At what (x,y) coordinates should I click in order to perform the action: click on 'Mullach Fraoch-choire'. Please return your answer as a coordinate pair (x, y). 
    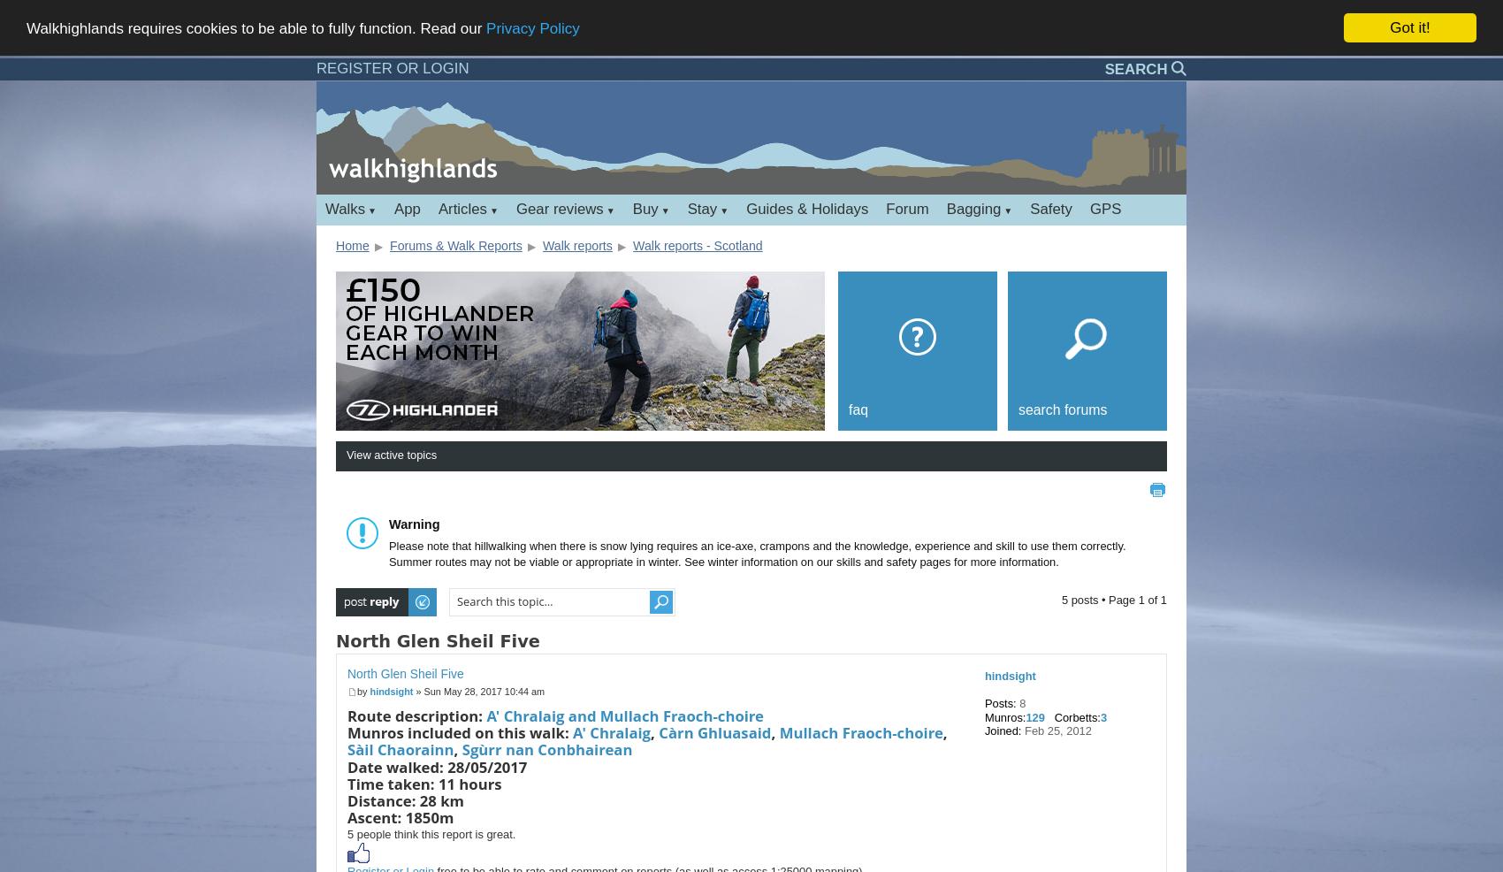
    Looking at the image, I should click on (859, 731).